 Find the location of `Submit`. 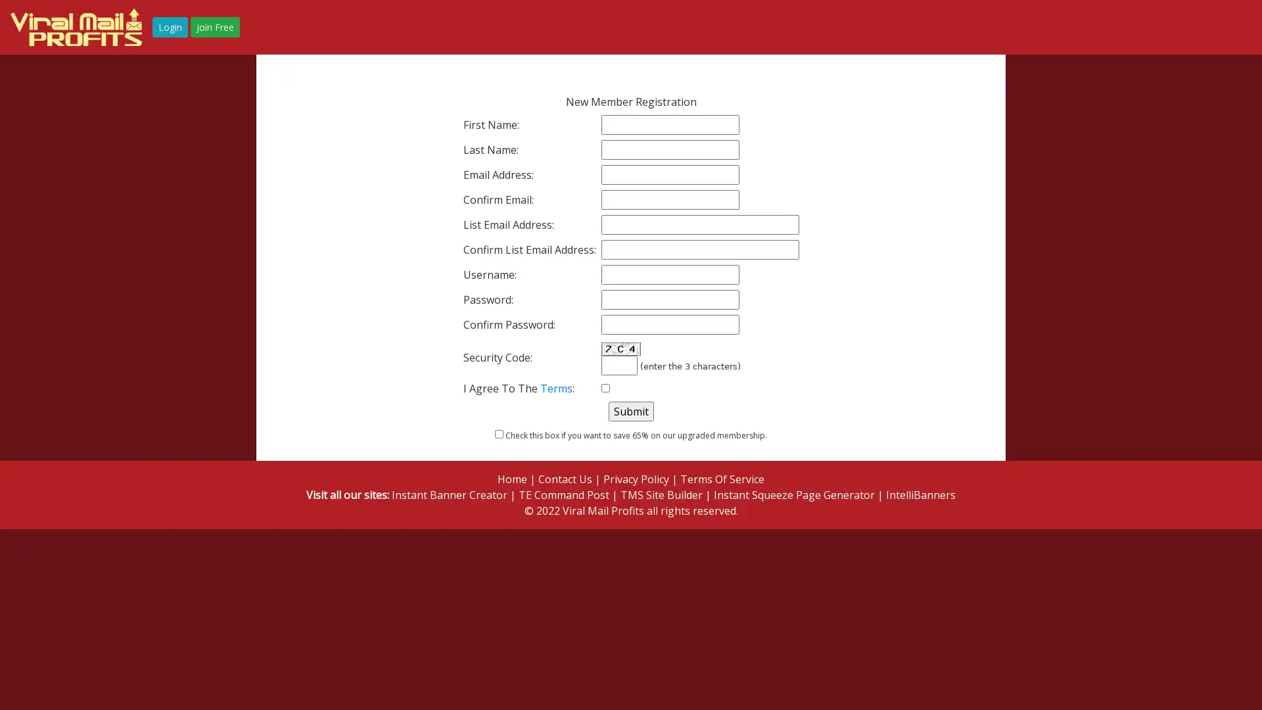

Submit is located at coordinates (630, 410).